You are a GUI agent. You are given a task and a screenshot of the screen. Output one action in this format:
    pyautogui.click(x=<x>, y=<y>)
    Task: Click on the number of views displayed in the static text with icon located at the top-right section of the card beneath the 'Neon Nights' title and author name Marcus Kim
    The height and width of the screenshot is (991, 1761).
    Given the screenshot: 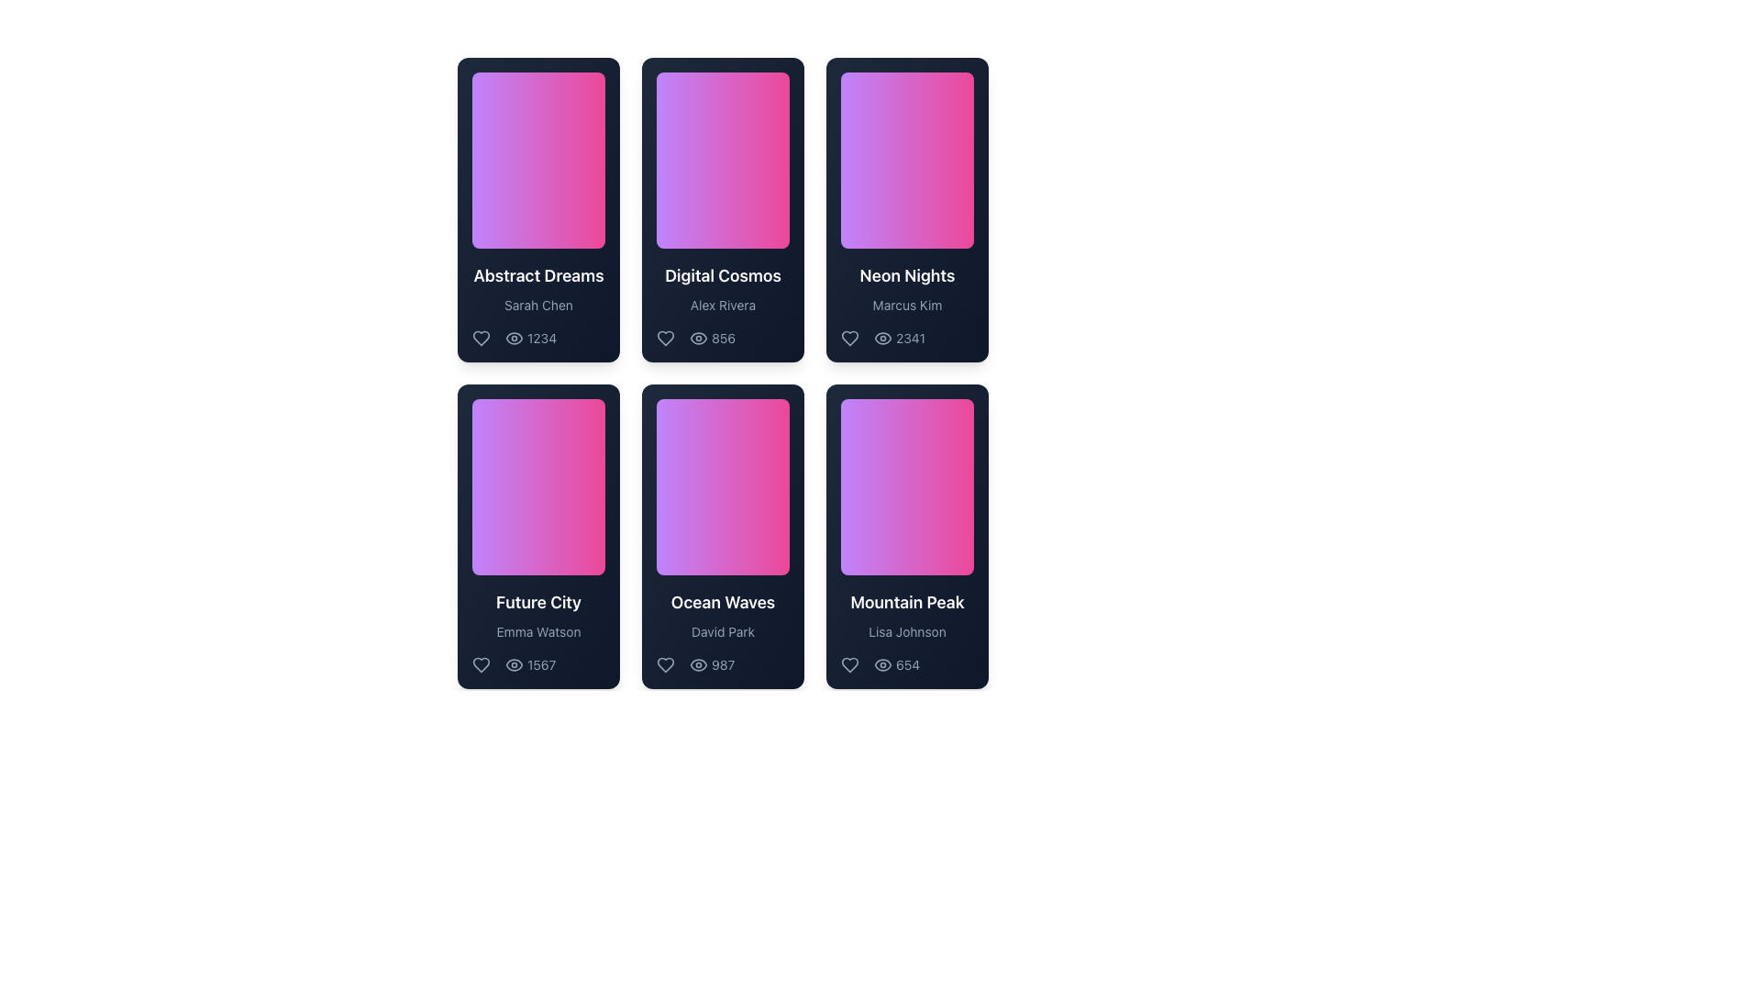 What is the action you would take?
    pyautogui.click(x=883, y=339)
    